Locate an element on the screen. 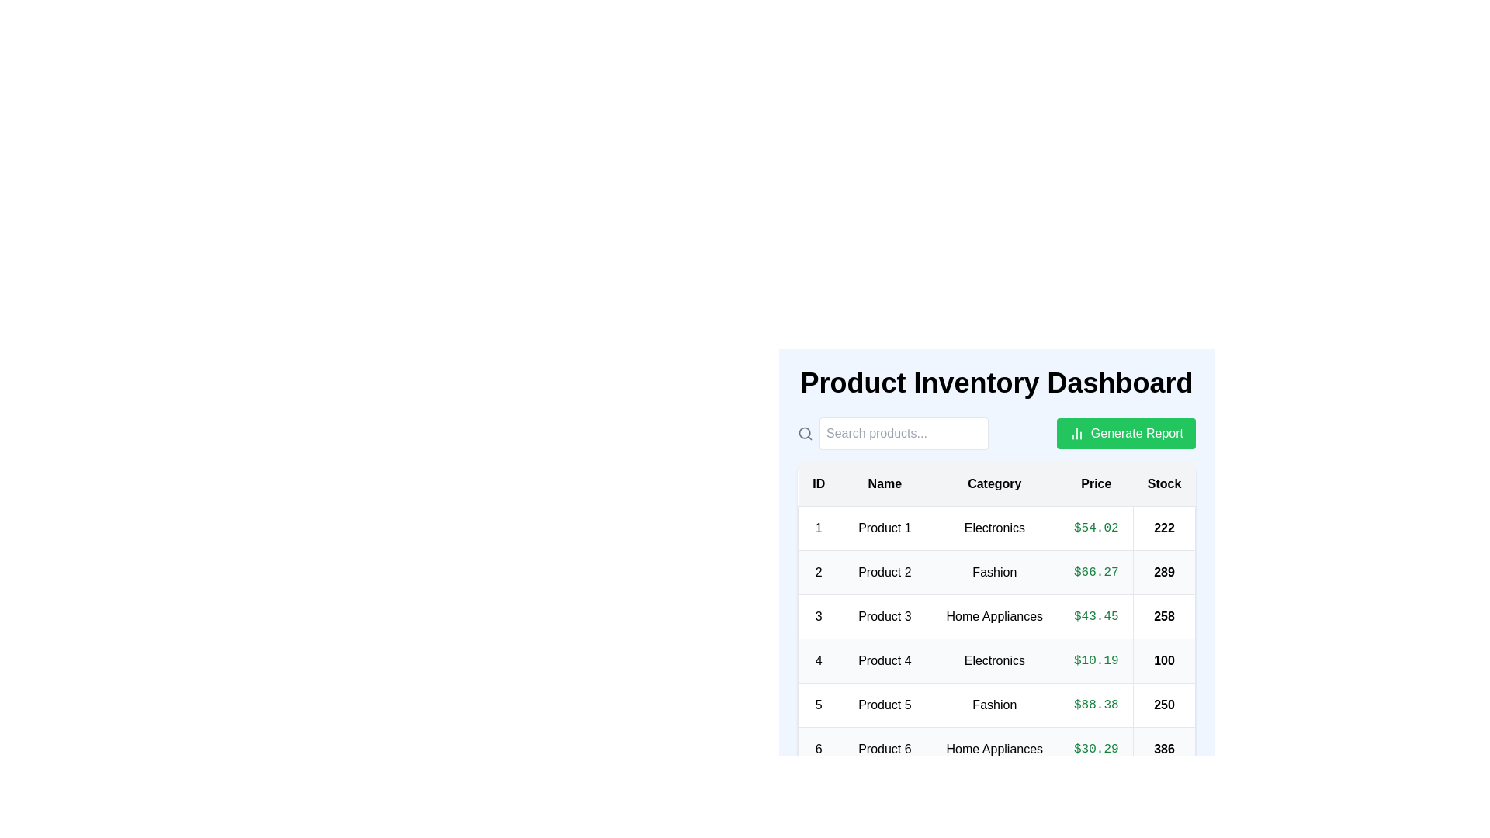 Image resolution: width=1490 pixels, height=838 pixels. the 'Generate Report' button is located at coordinates (1125, 434).